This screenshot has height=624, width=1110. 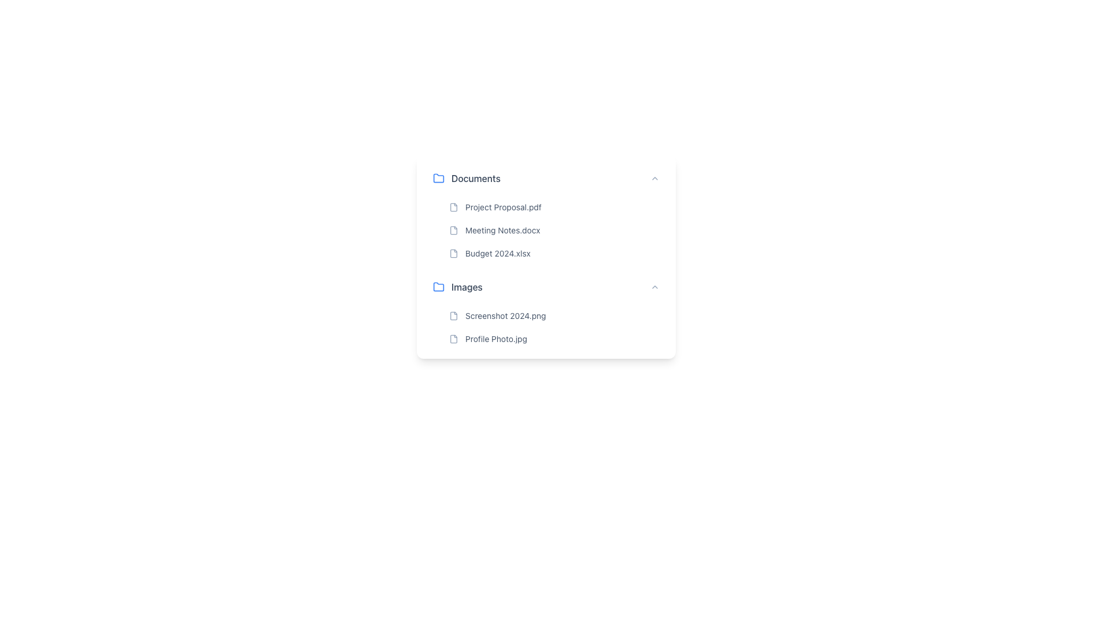 I want to click on the SVG Circle element that serves as the frame of the clock icon located near the filename 'Meeting Notes.docx' in the 'Documents' section, so click(x=629, y=206).